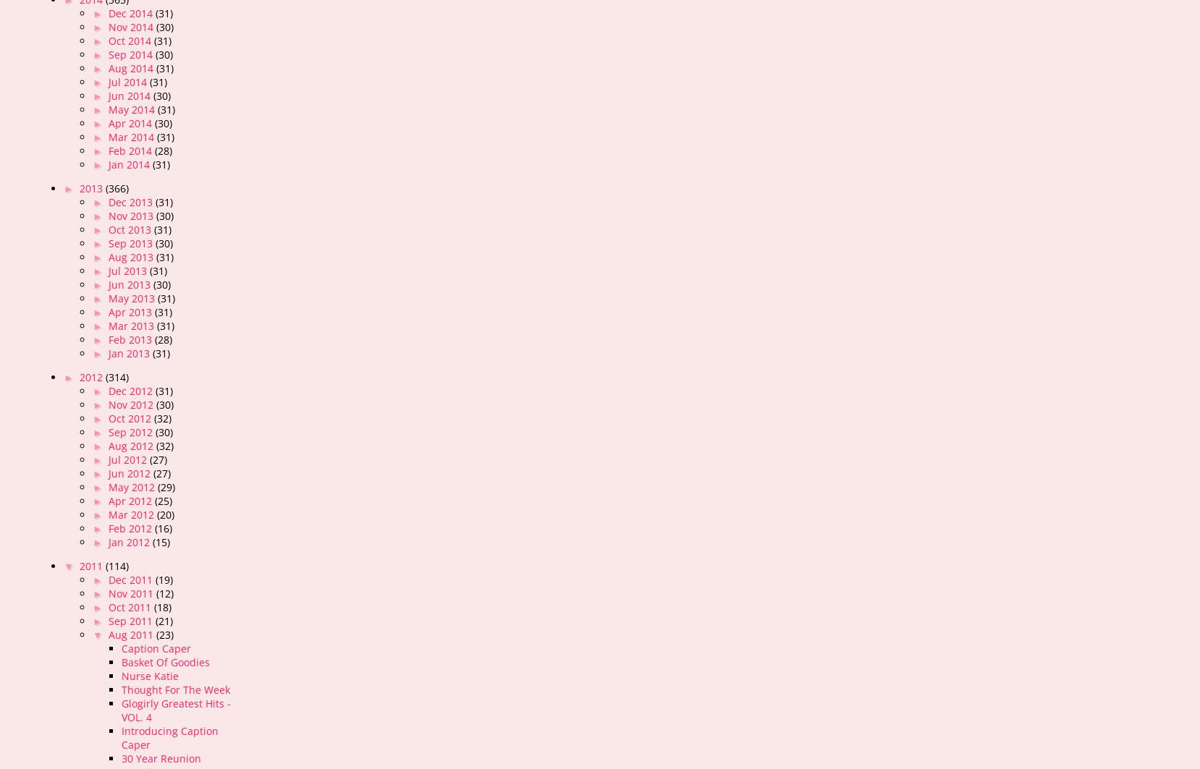 The width and height of the screenshot is (1200, 769). Describe the element at coordinates (131, 54) in the screenshot. I see `'Sep 2014'` at that location.